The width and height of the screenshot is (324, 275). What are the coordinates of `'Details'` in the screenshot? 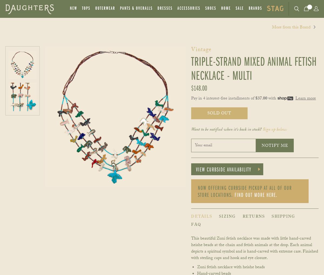 It's located at (202, 216).